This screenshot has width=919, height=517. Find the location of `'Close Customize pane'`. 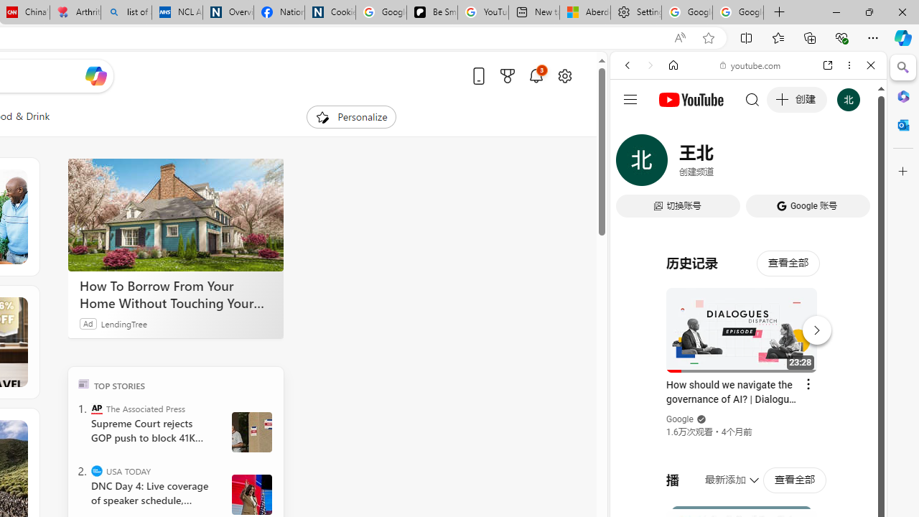

'Close Customize pane' is located at coordinates (902, 171).